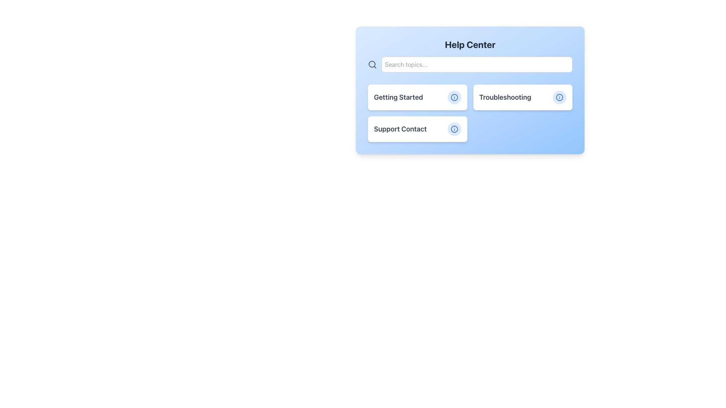 The width and height of the screenshot is (726, 408). Describe the element at coordinates (417, 97) in the screenshot. I see `the Clickable Card in the top-left corner of the grid within the 'Help Center' section` at that location.